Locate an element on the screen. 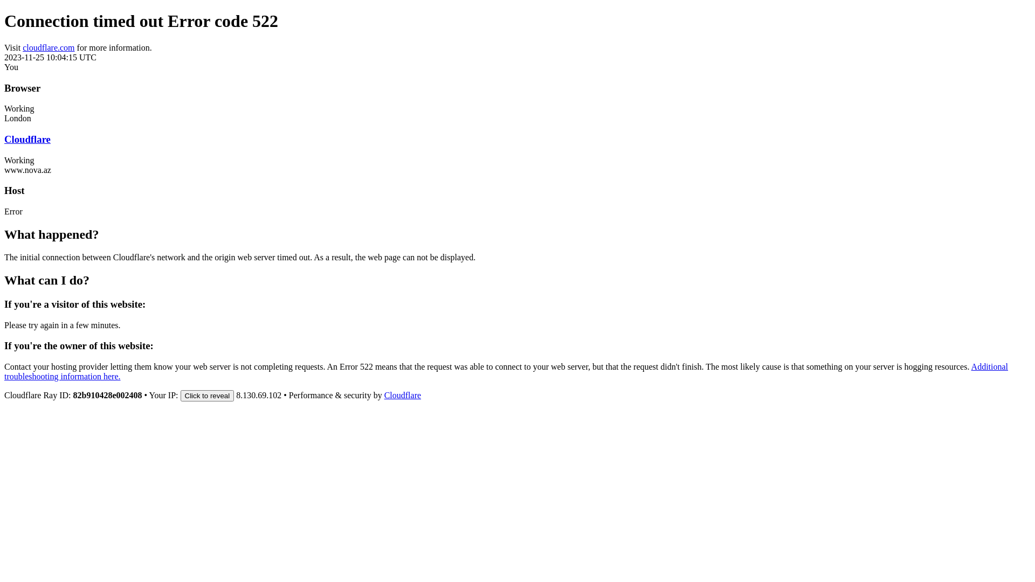  'Click to reveal' is located at coordinates (207, 396).